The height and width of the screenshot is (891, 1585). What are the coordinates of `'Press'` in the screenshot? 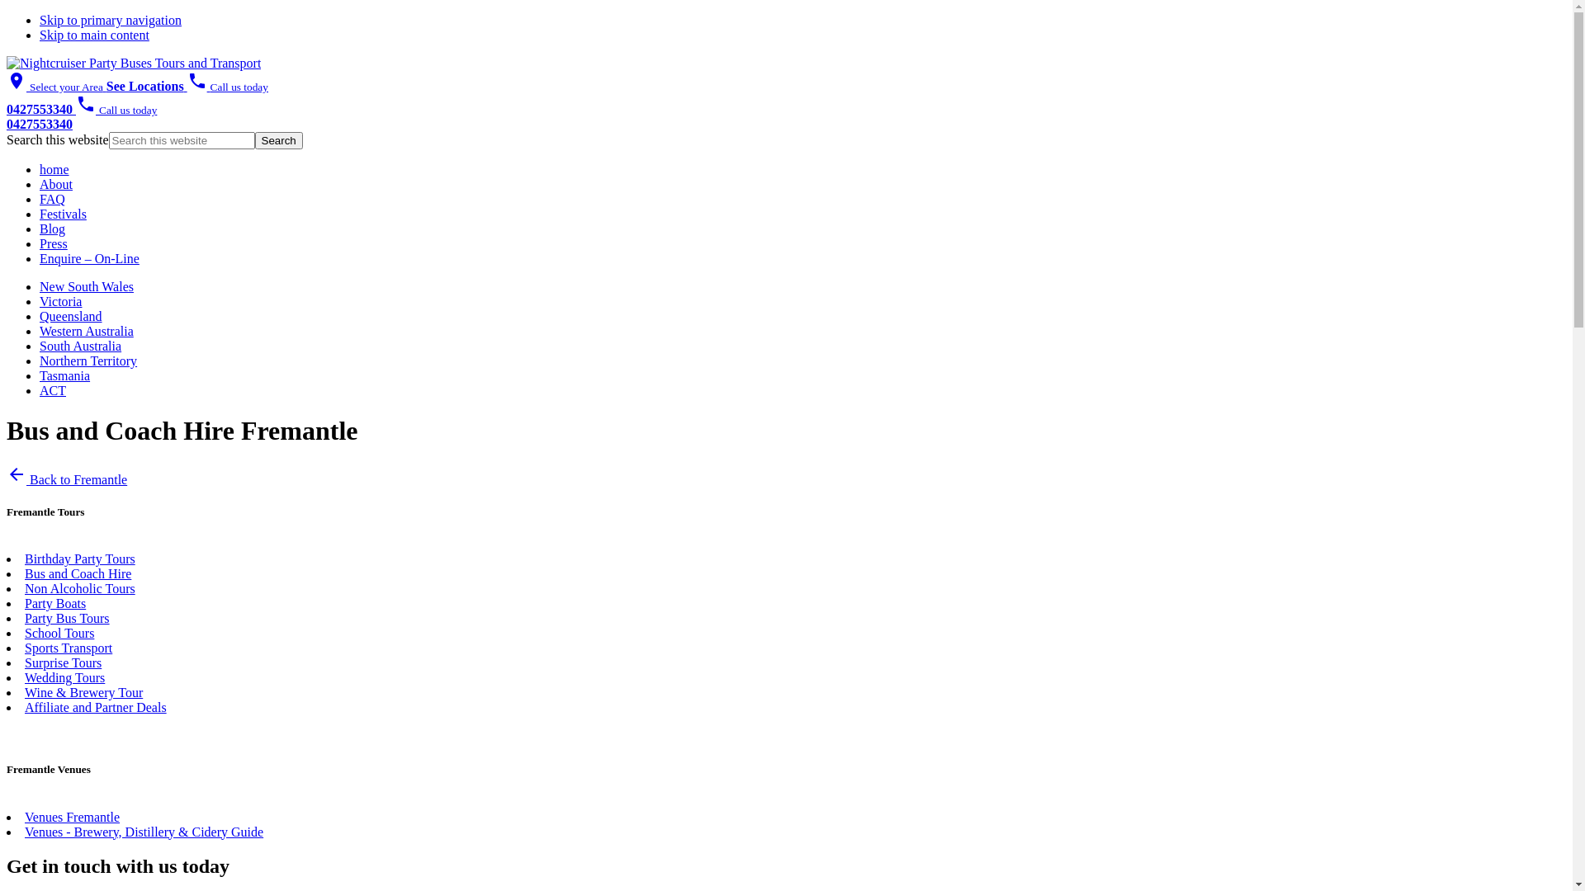 It's located at (40, 243).